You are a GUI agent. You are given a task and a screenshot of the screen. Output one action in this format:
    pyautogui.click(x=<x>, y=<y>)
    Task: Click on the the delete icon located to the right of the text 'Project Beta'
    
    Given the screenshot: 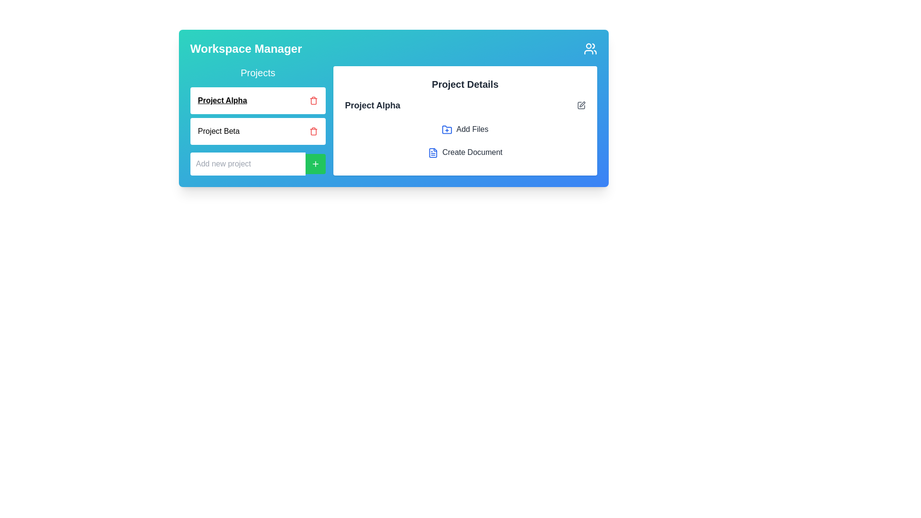 What is the action you would take?
    pyautogui.click(x=314, y=131)
    